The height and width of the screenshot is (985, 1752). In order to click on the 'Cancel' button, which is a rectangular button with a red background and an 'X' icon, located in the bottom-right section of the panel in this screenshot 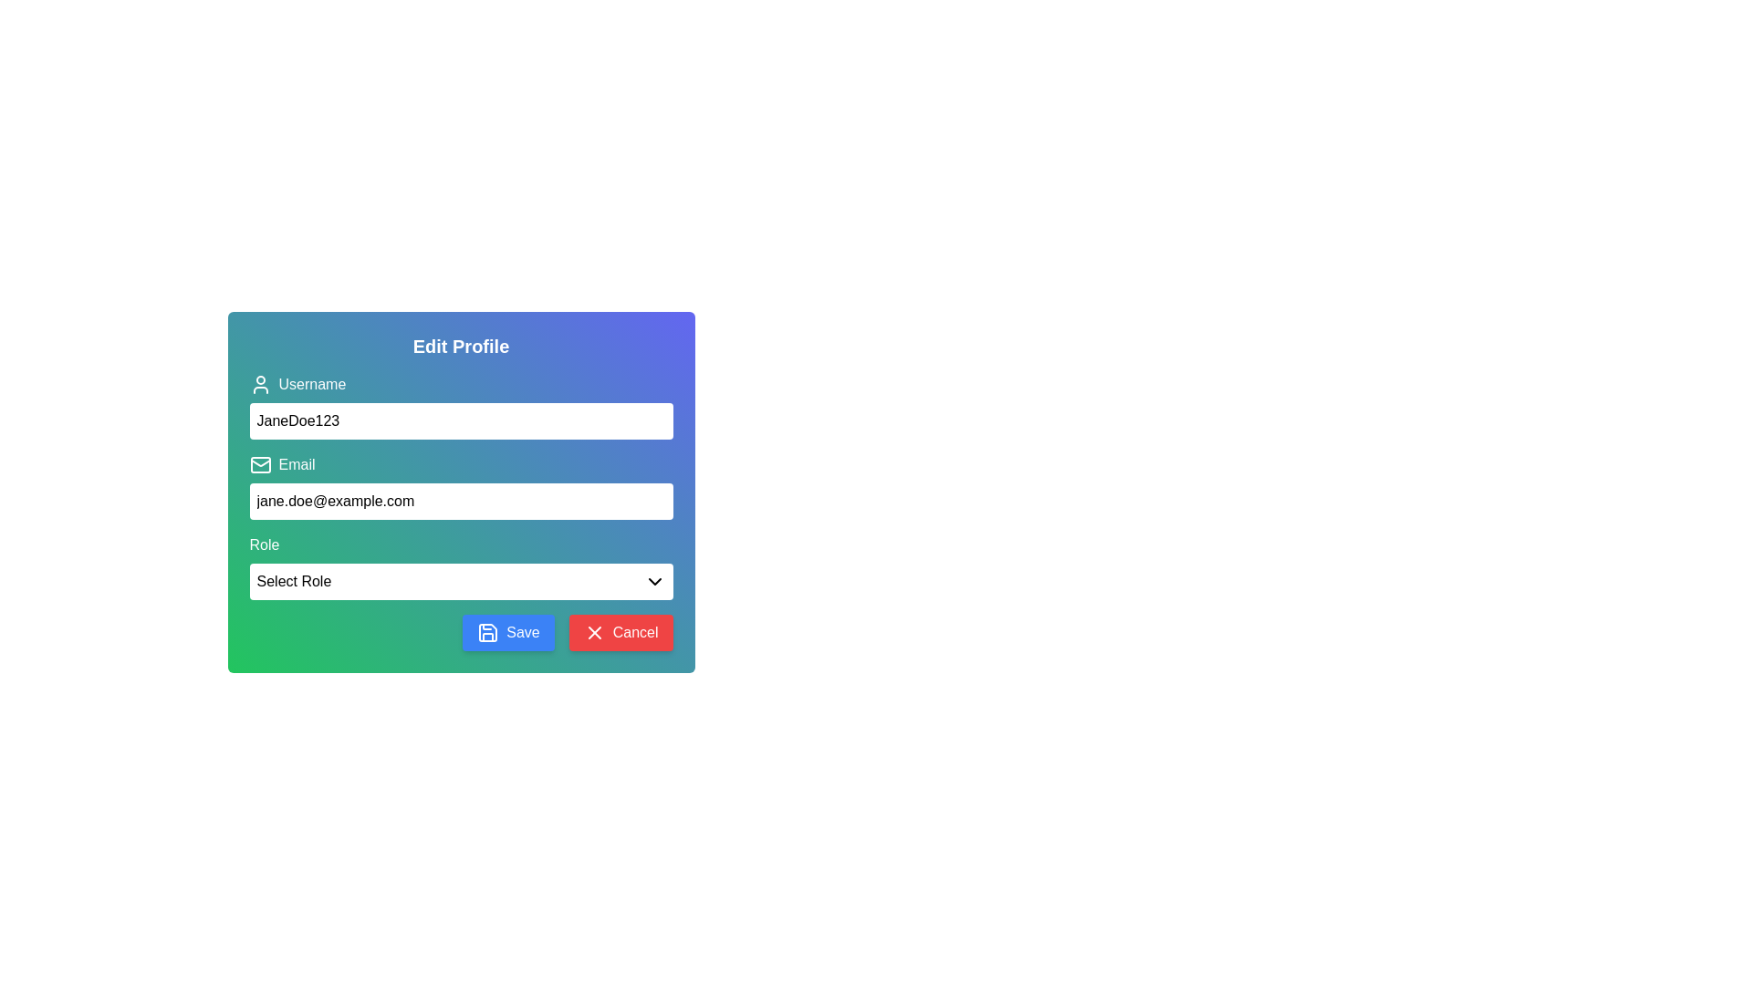, I will do `click(620, 632)`.